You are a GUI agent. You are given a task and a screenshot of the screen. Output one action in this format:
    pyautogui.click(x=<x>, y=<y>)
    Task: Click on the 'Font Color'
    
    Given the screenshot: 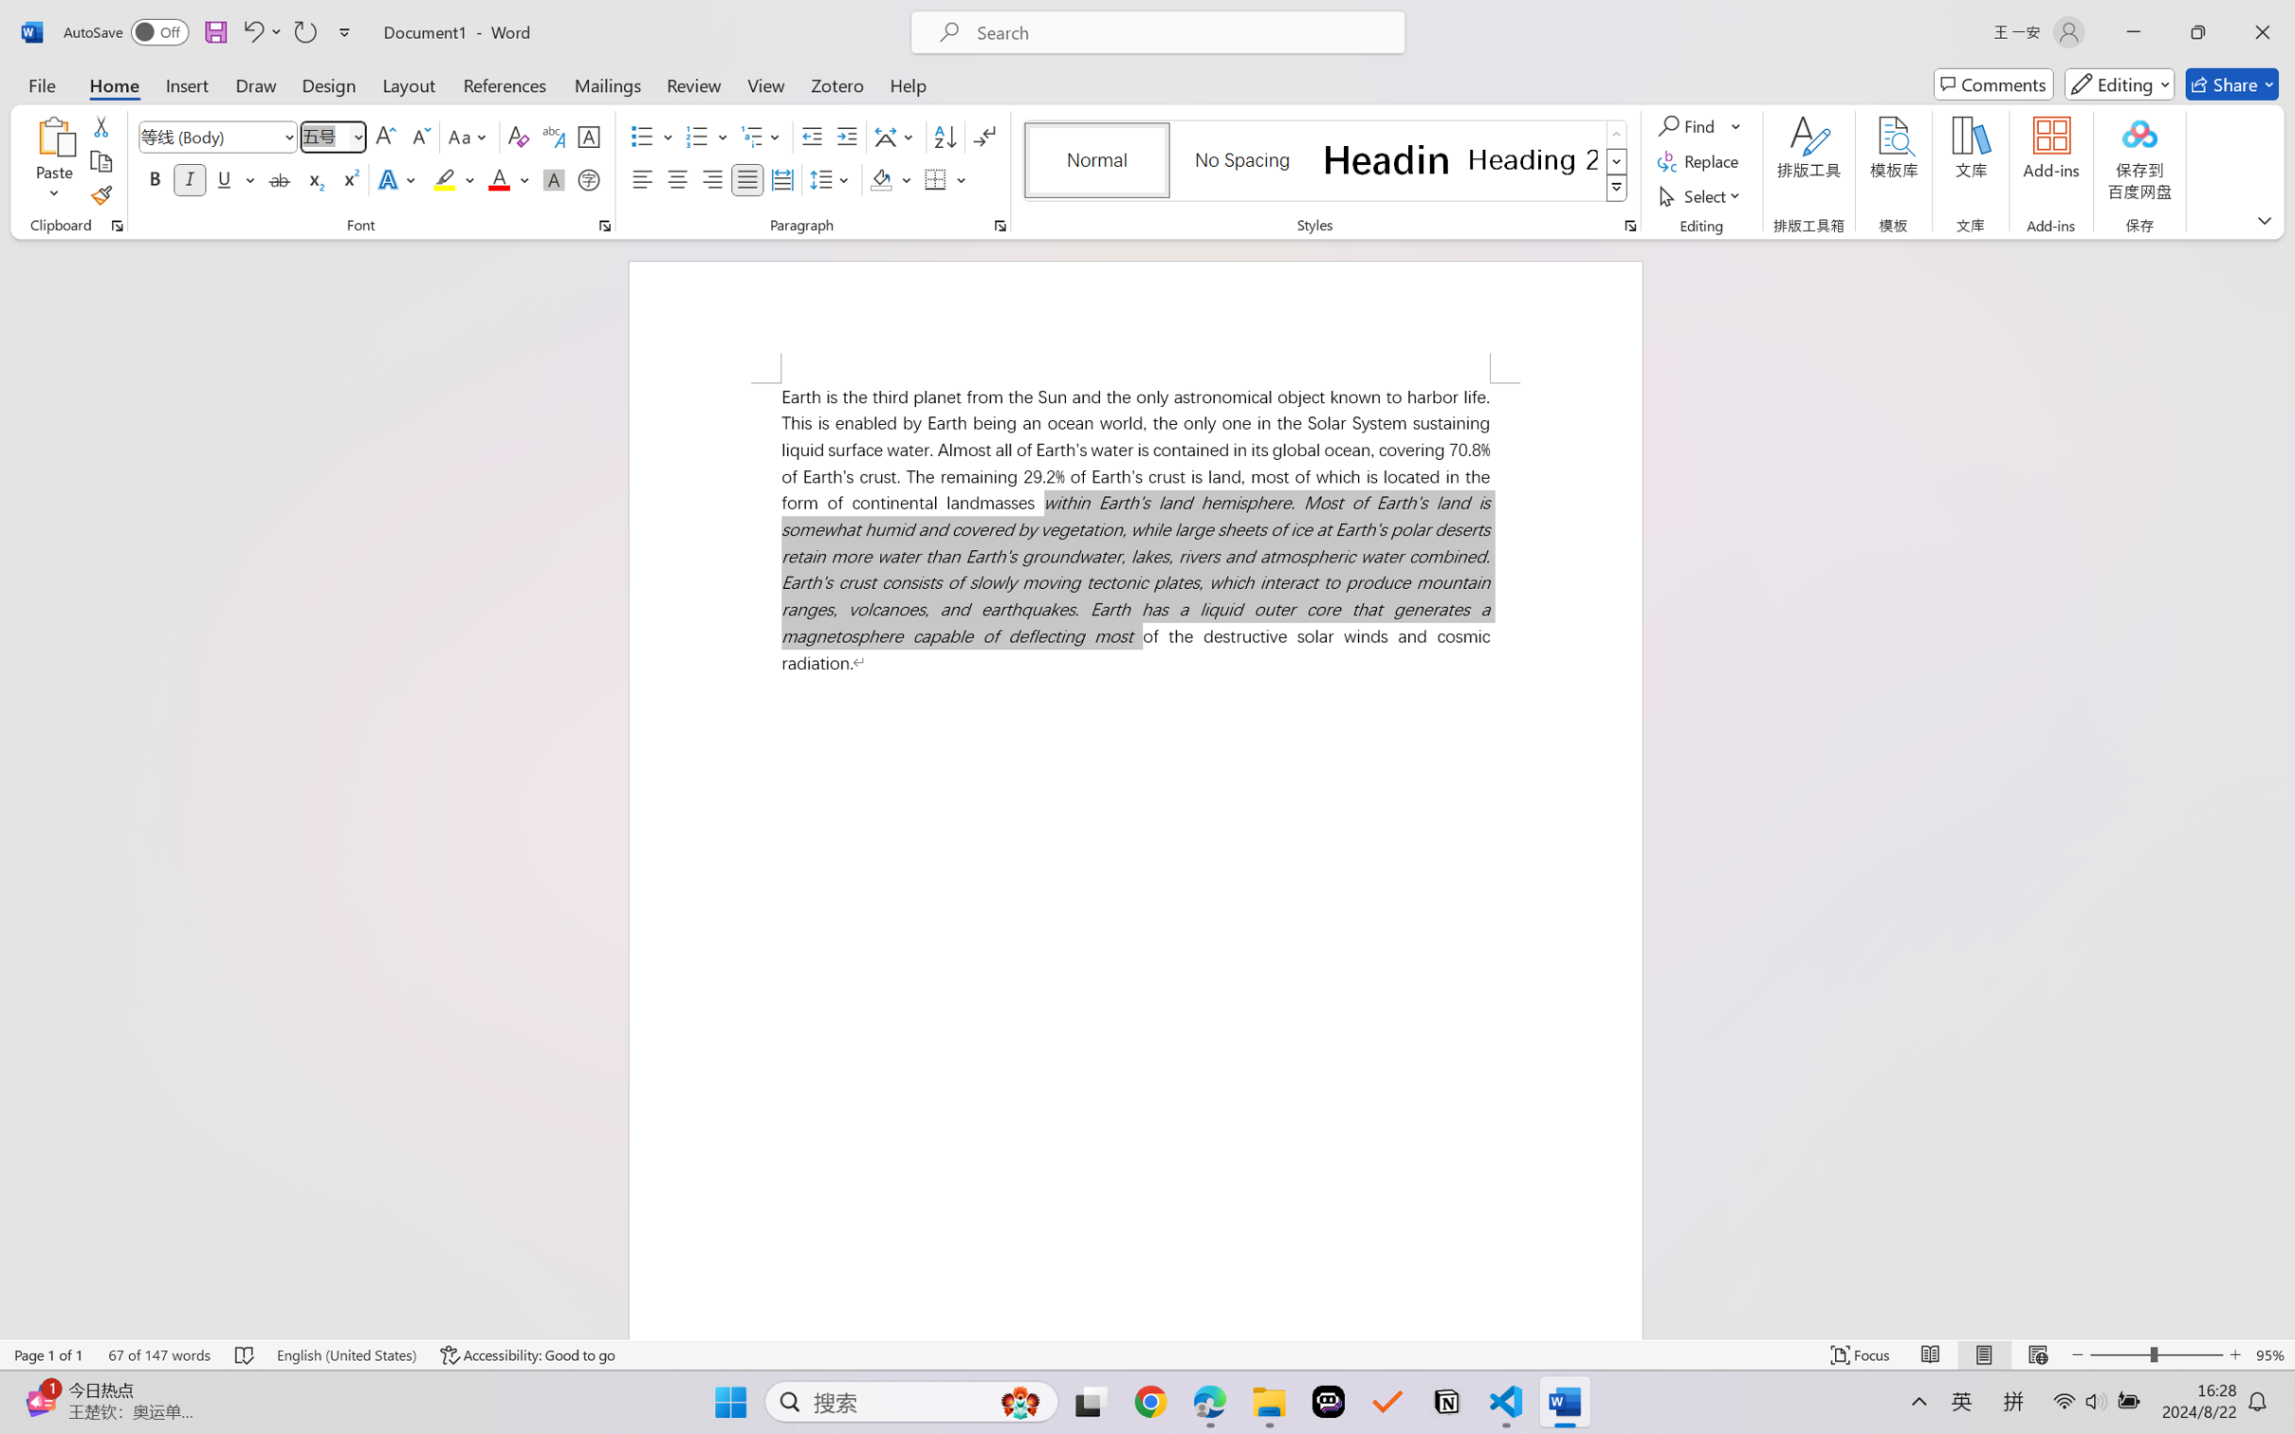 What is the action you would take?
    pyautogui.click(x=508, y=178)
    